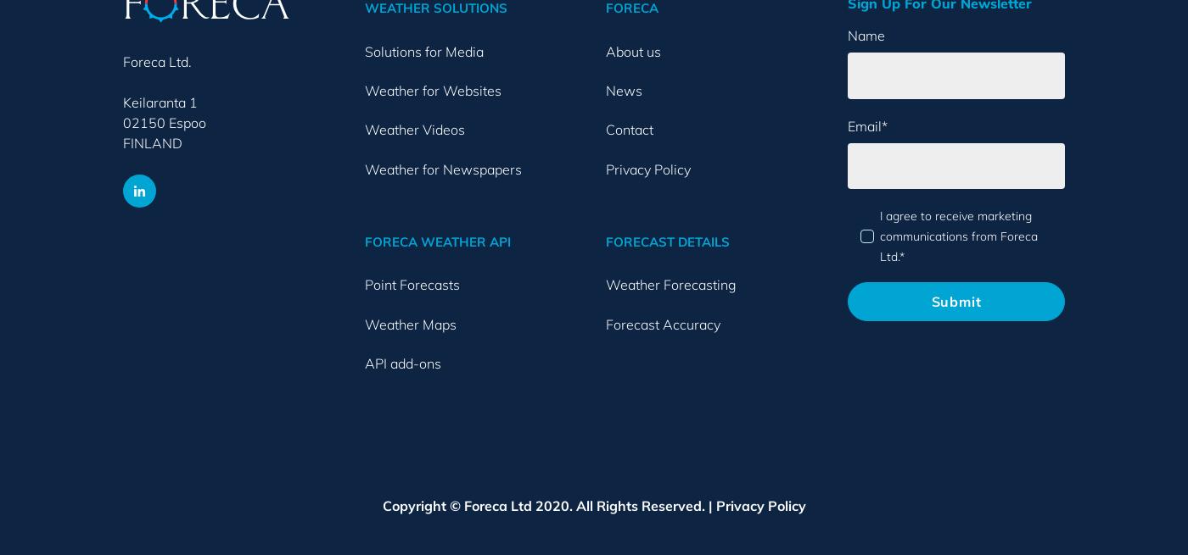 The image size is (1188, 555). Describe the element at coordinates (667, 241) in the screenshot. I see `'FORECAST DETAILS'` at that location.